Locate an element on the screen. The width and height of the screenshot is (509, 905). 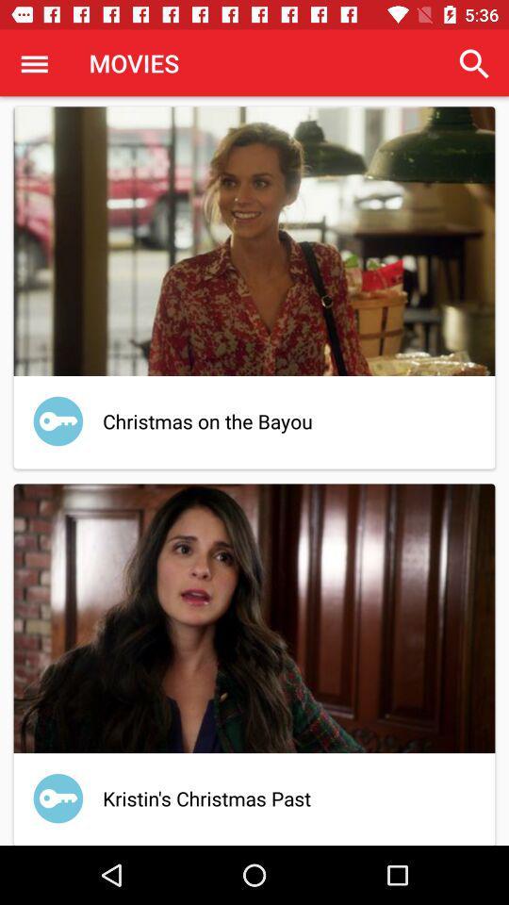
the item next to the movies item is located at coordinates (473, 63).